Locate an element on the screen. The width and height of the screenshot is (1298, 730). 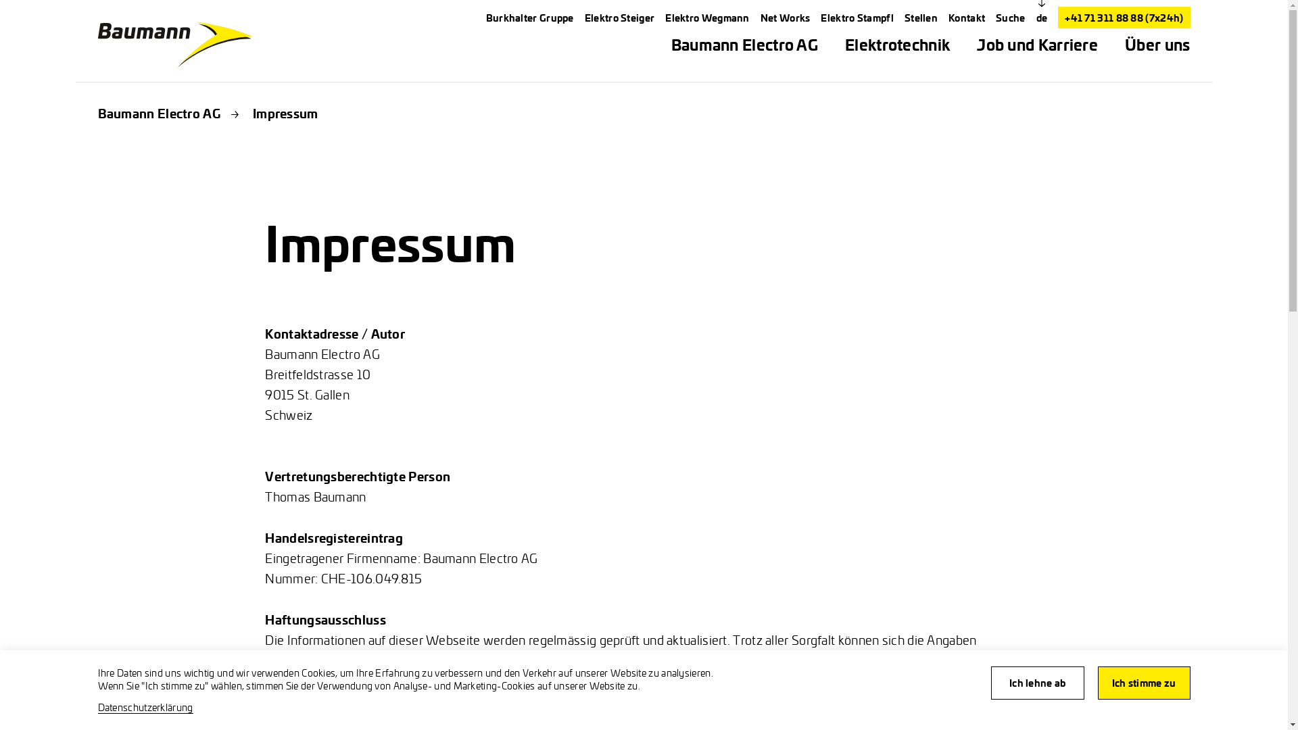
'Burkhalter Gruppe' is located at coordinates (529, 18).